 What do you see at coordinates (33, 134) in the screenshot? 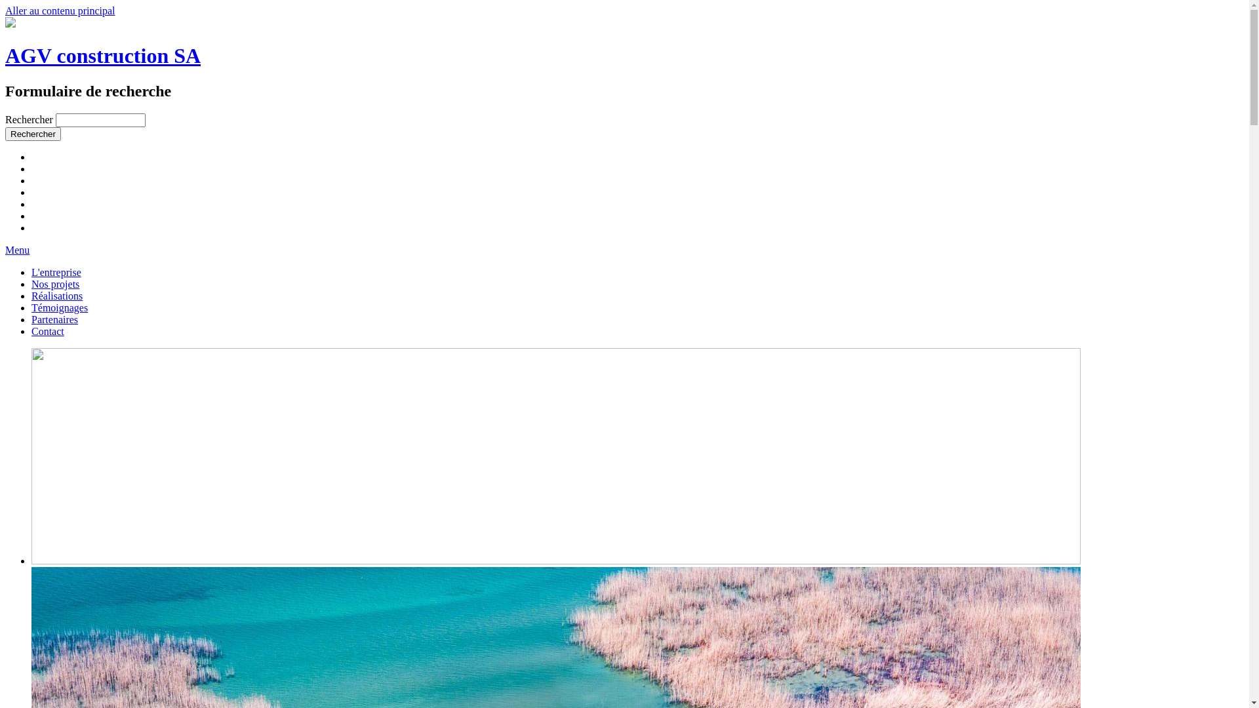
I see `'Rechercher'` at bounding box center [33, 134].